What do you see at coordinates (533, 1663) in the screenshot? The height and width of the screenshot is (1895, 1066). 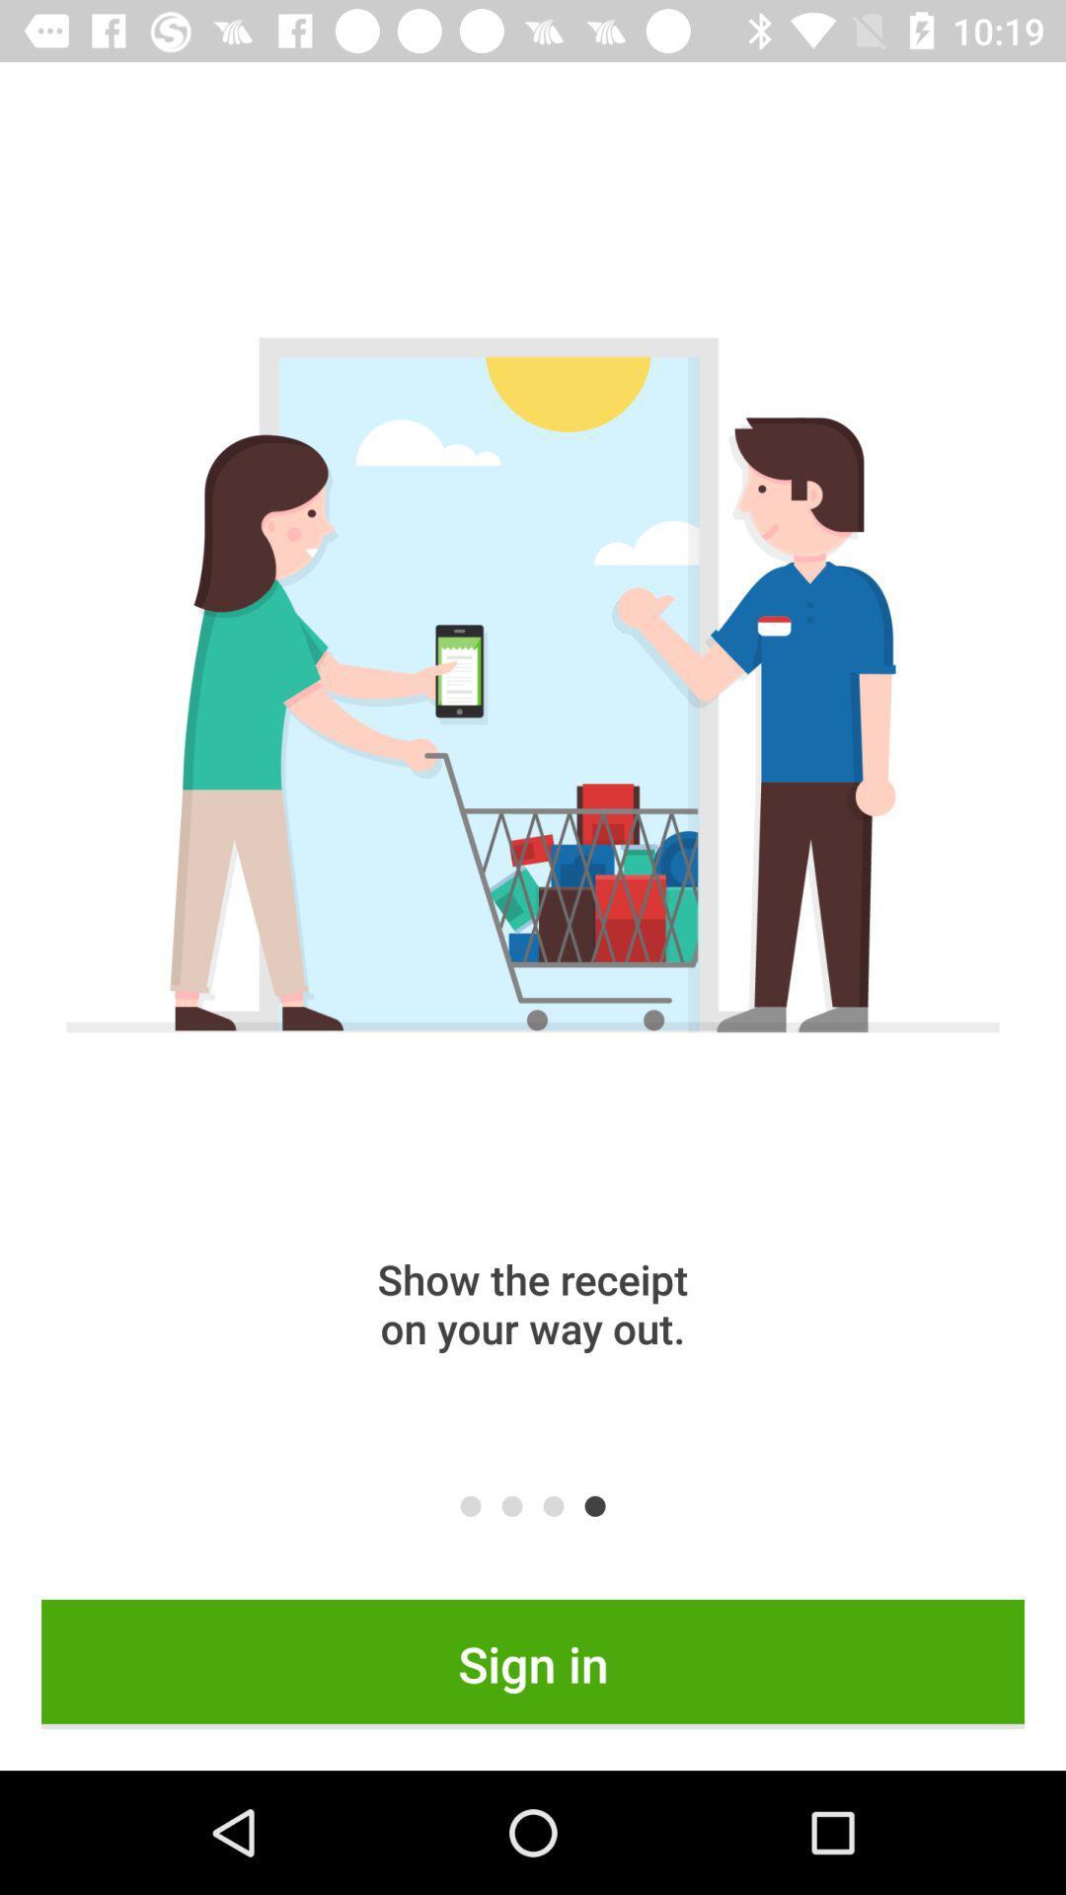 I see `sign in` at bounding box center [533, 1663].